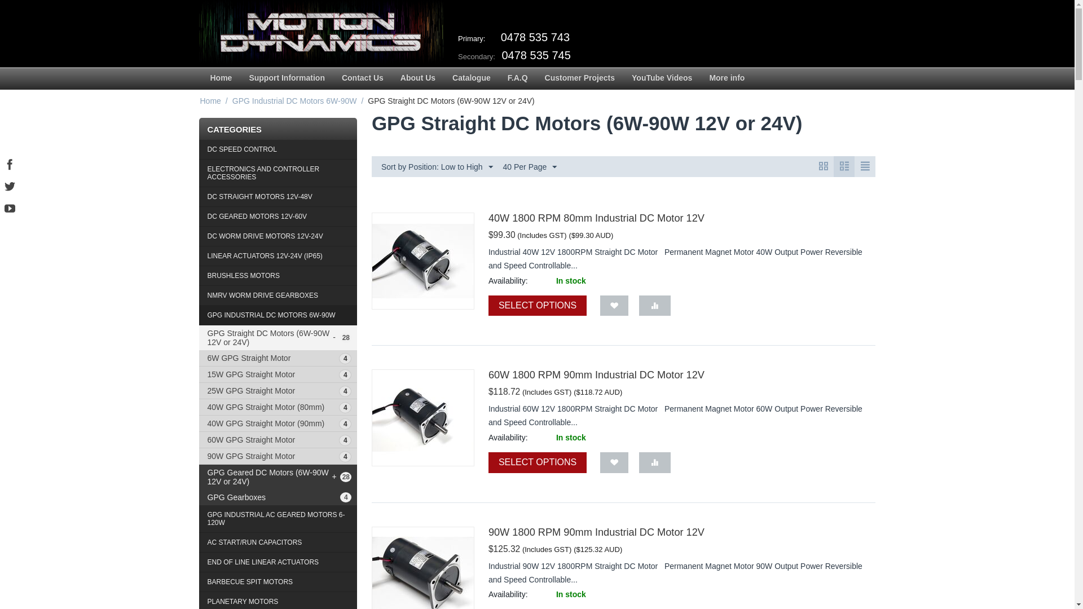 The width and height of the screenshot is (1083, 609). I want to click on 'DC SPEED CONTROL', so click(198, 149).